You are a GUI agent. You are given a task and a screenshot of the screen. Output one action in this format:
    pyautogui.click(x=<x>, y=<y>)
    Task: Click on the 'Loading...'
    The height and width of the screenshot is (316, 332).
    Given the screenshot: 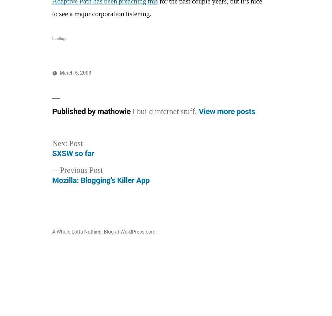 What is the action you would take?
    pyautogui.click(x=52, y=38)
    